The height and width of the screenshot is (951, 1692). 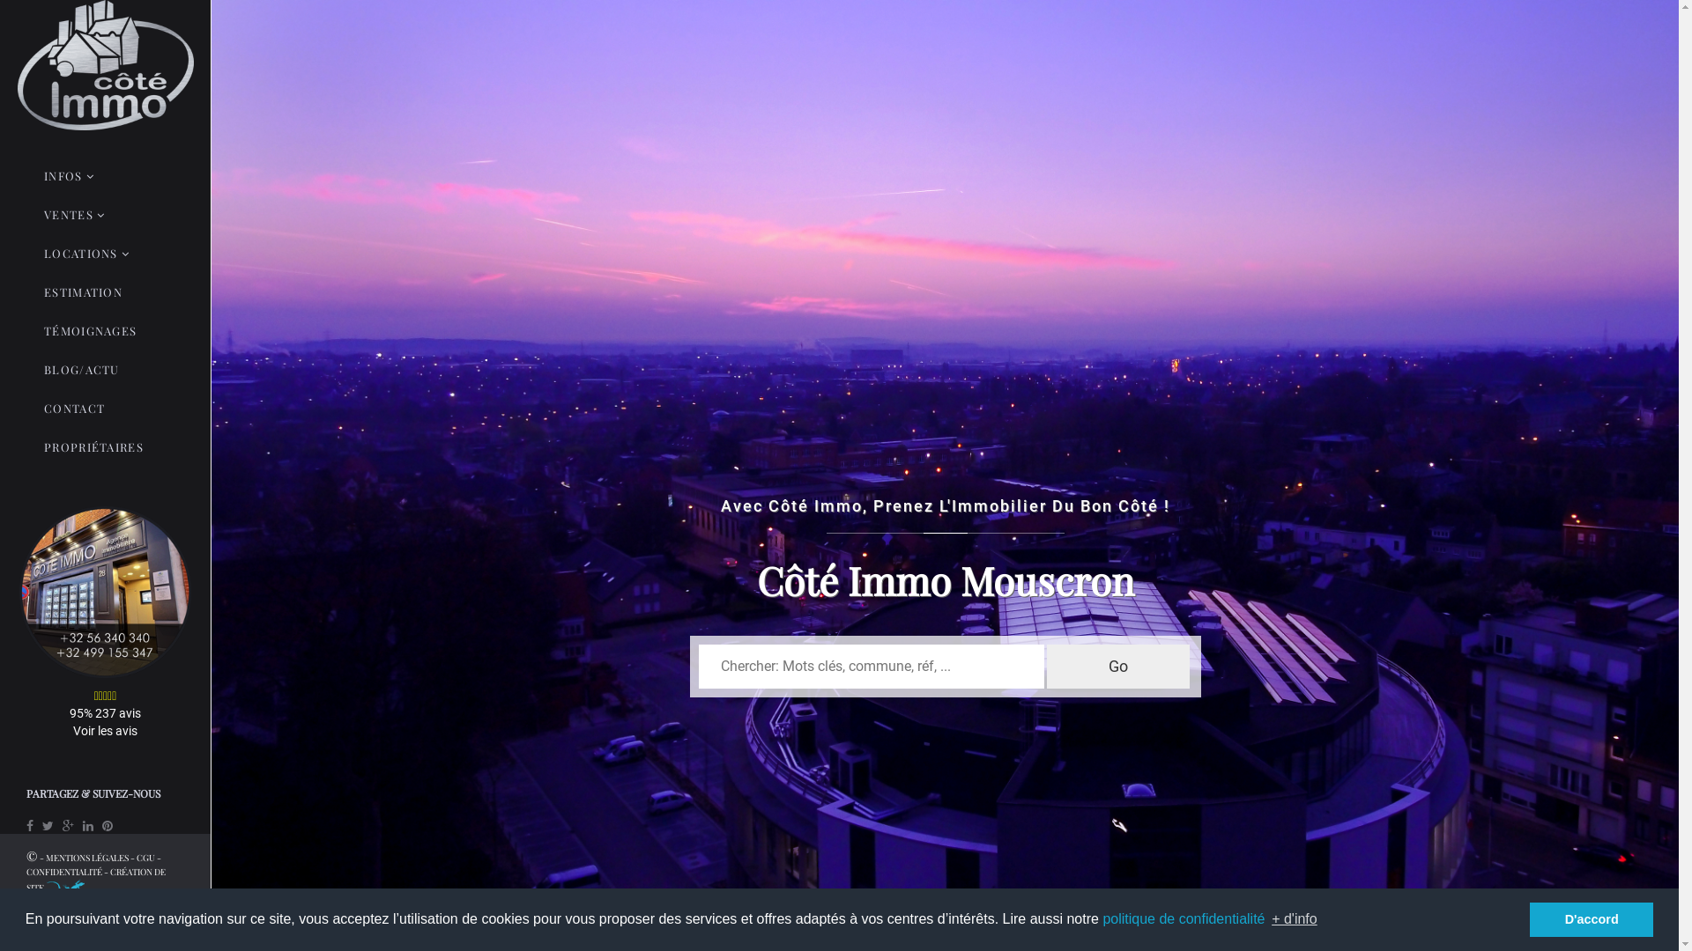 What do you see at coordinates (104, 730) in the screenshot?
I see `'Voir les avis'` at bounding box center [104, 730].